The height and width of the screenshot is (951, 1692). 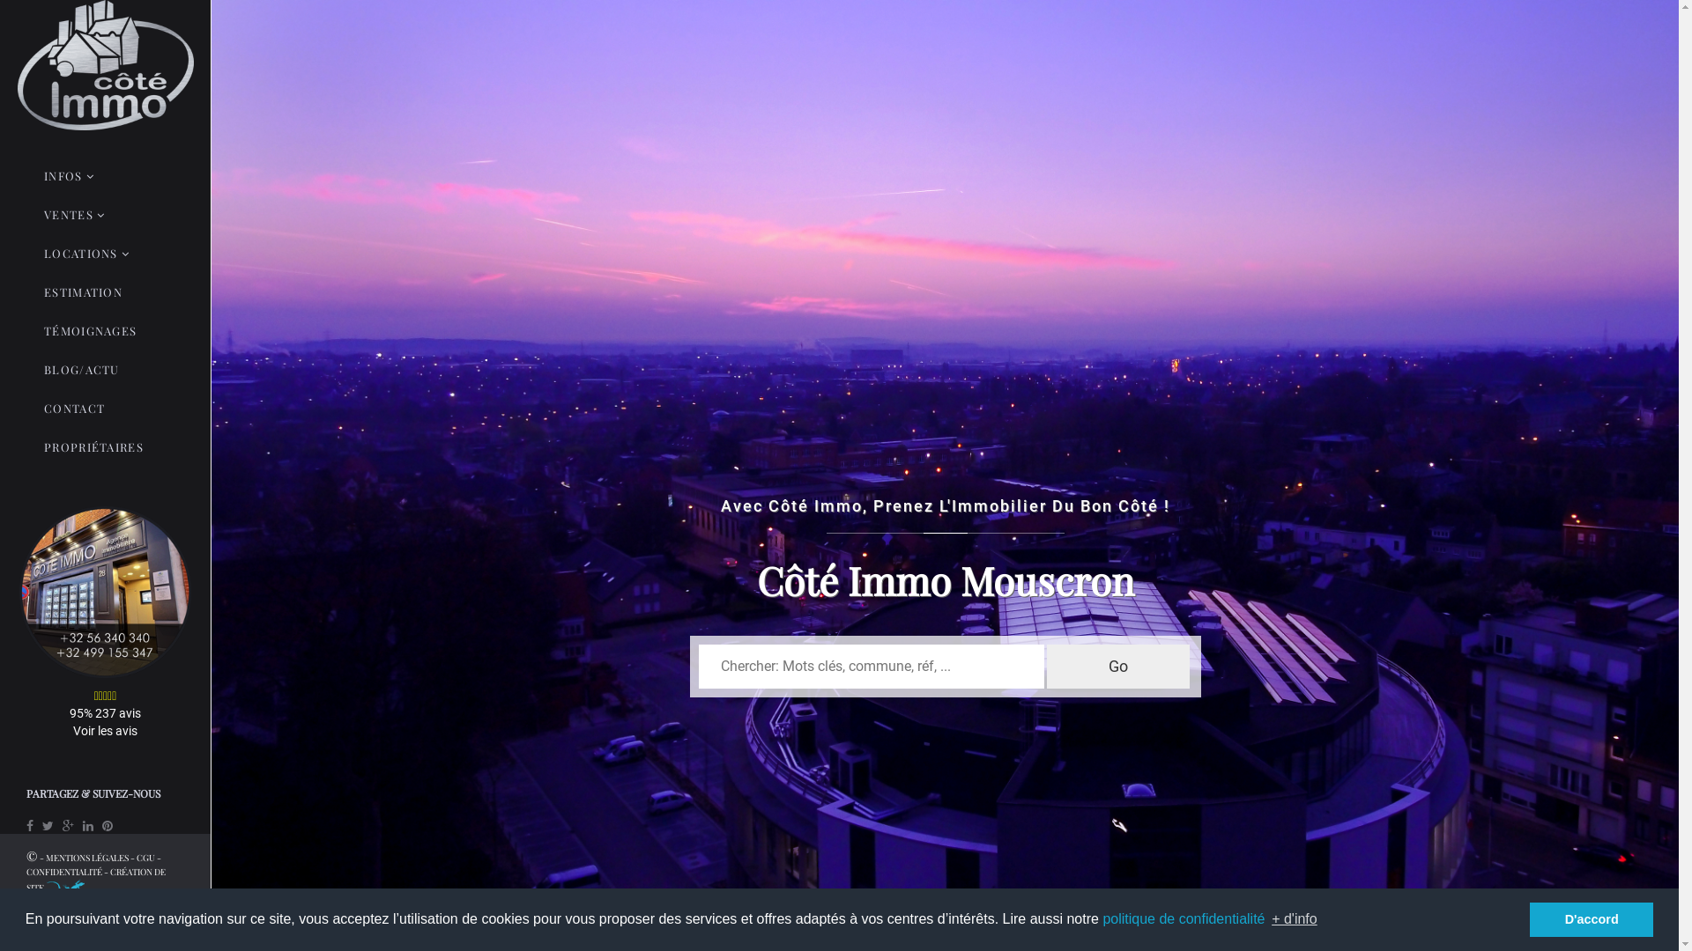 What do you see at coordinates (104, 730) in the screenshot?
I see `'Voir les avis'` at bounding box center [104, 730].